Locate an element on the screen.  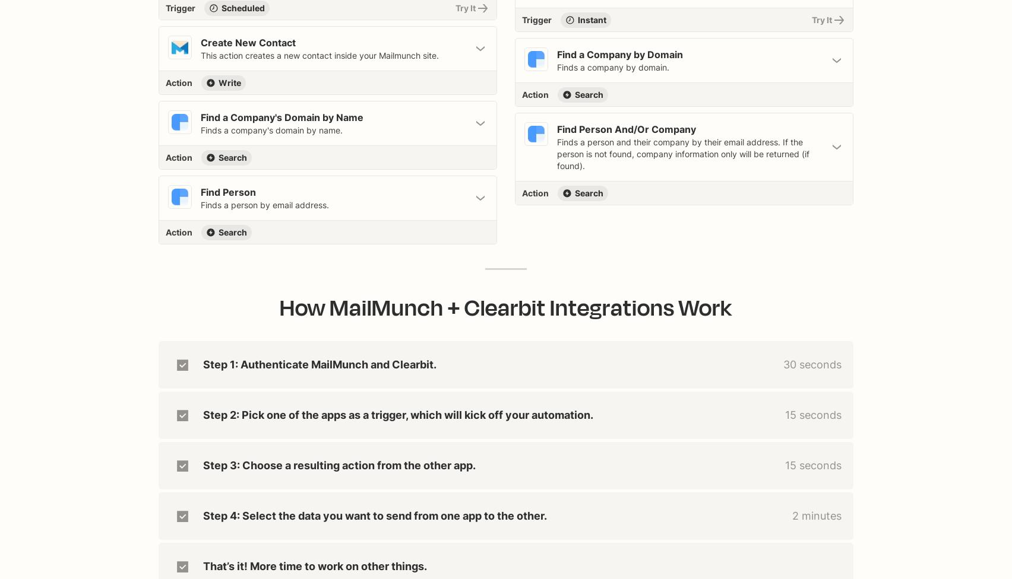
'This action creates a new contact inside your Mailmunch site.' is located at coordinates (320, 55).